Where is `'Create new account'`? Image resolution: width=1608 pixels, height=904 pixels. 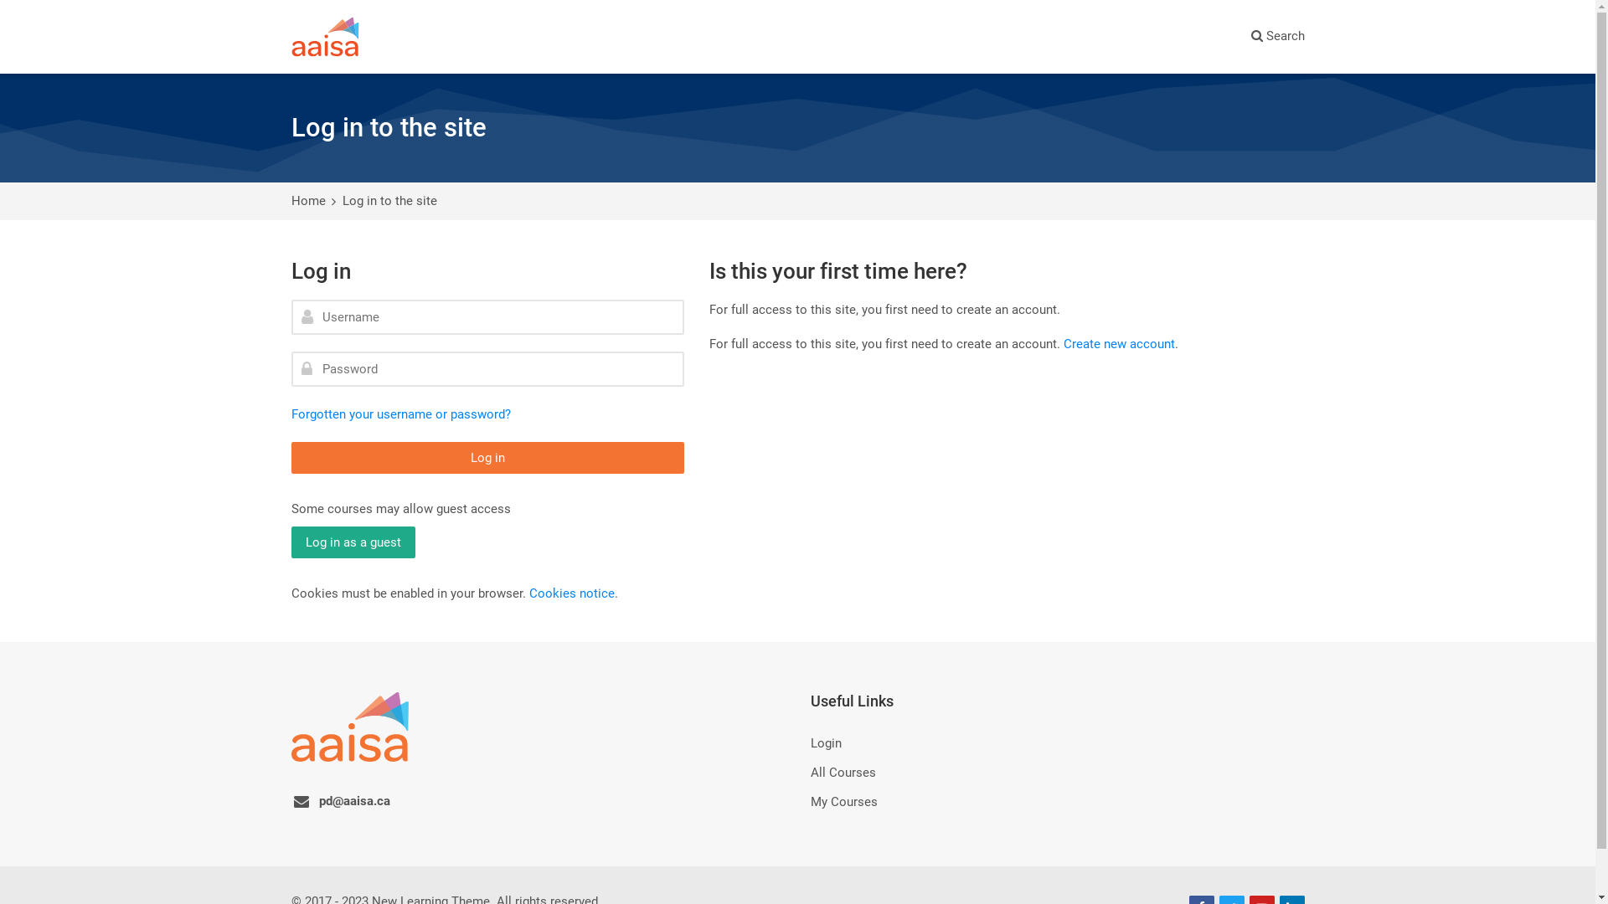
'Create new account' is located at coordinates (1063, 343).